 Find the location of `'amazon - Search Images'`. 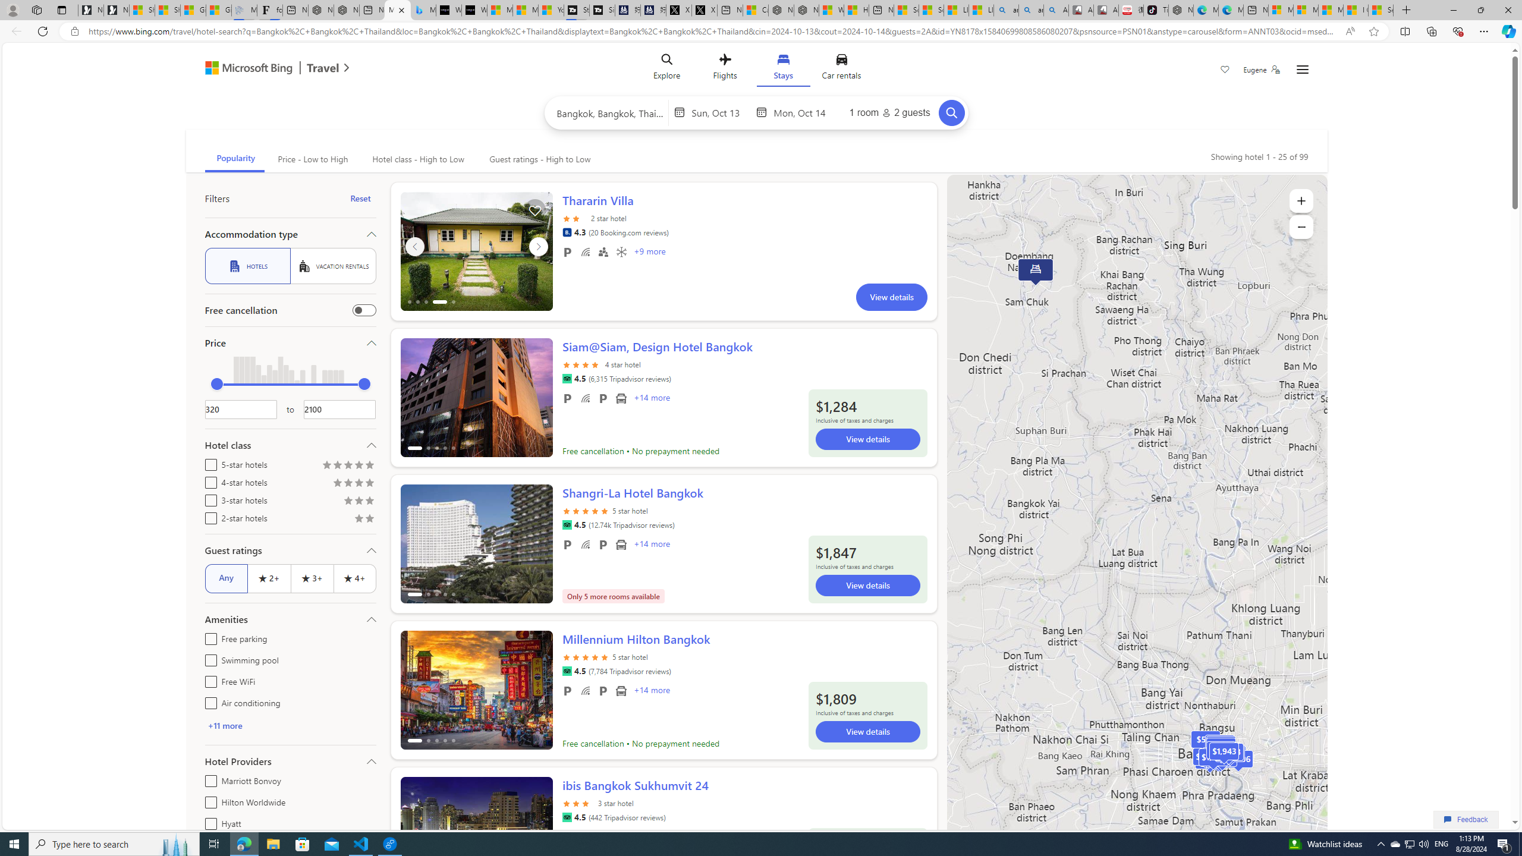

'amazon - Search Images' is located at coordinates (1030, 10).